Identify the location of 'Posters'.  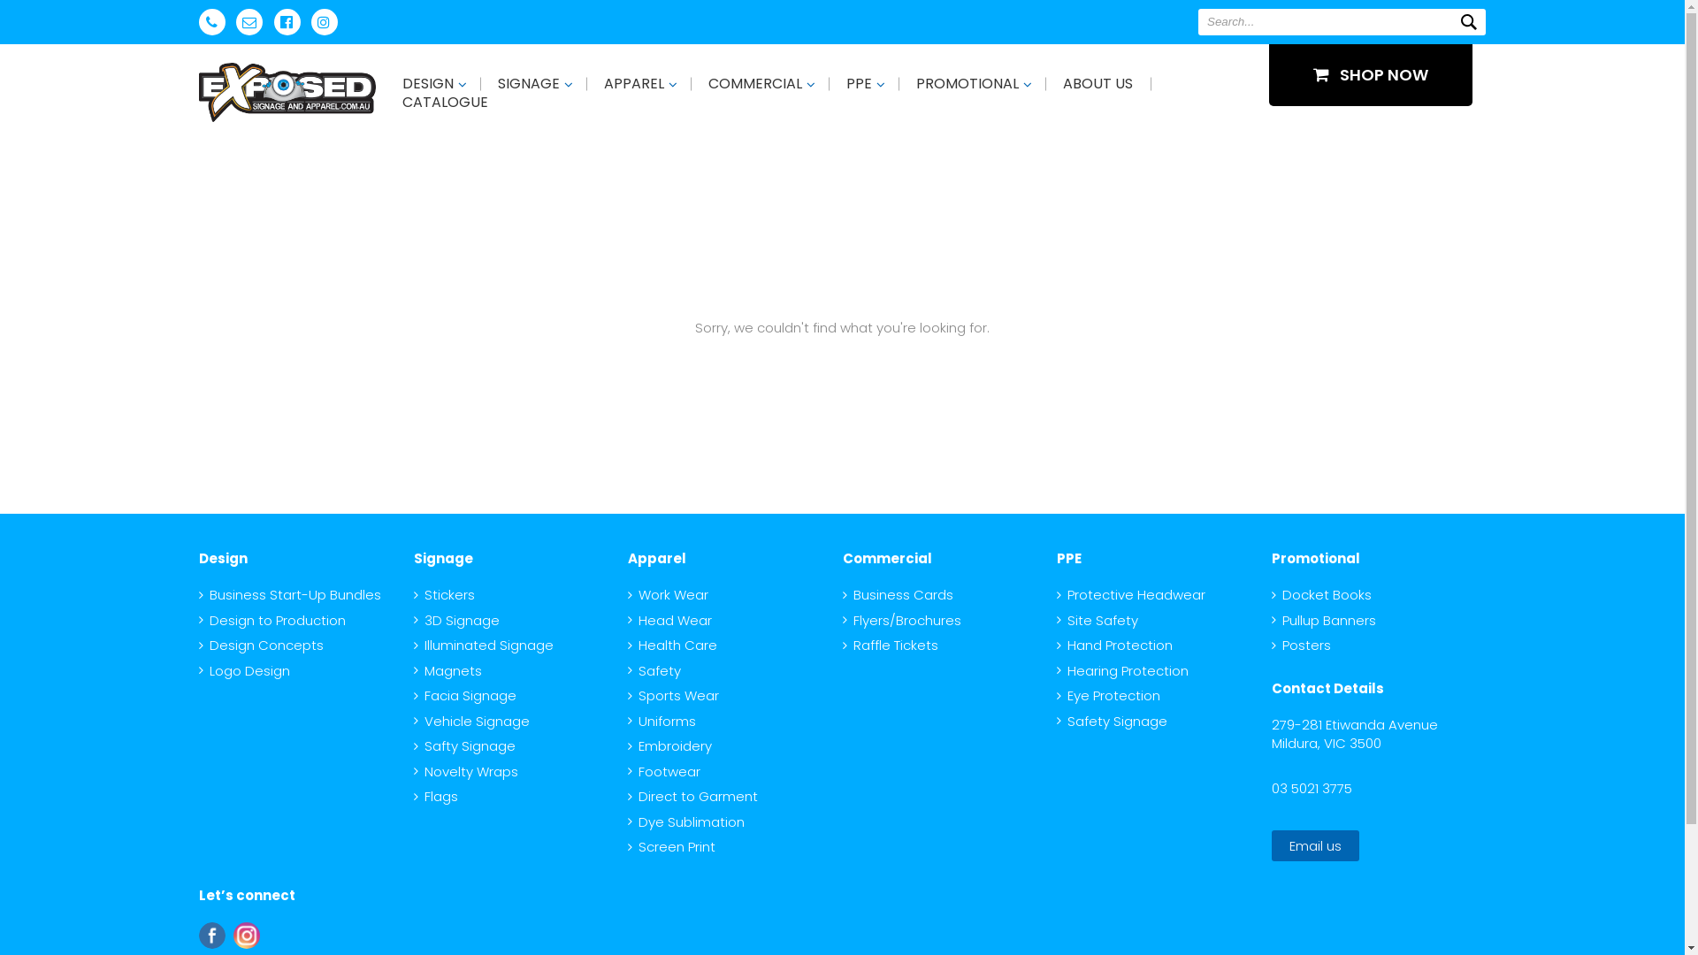
(1271, 645).